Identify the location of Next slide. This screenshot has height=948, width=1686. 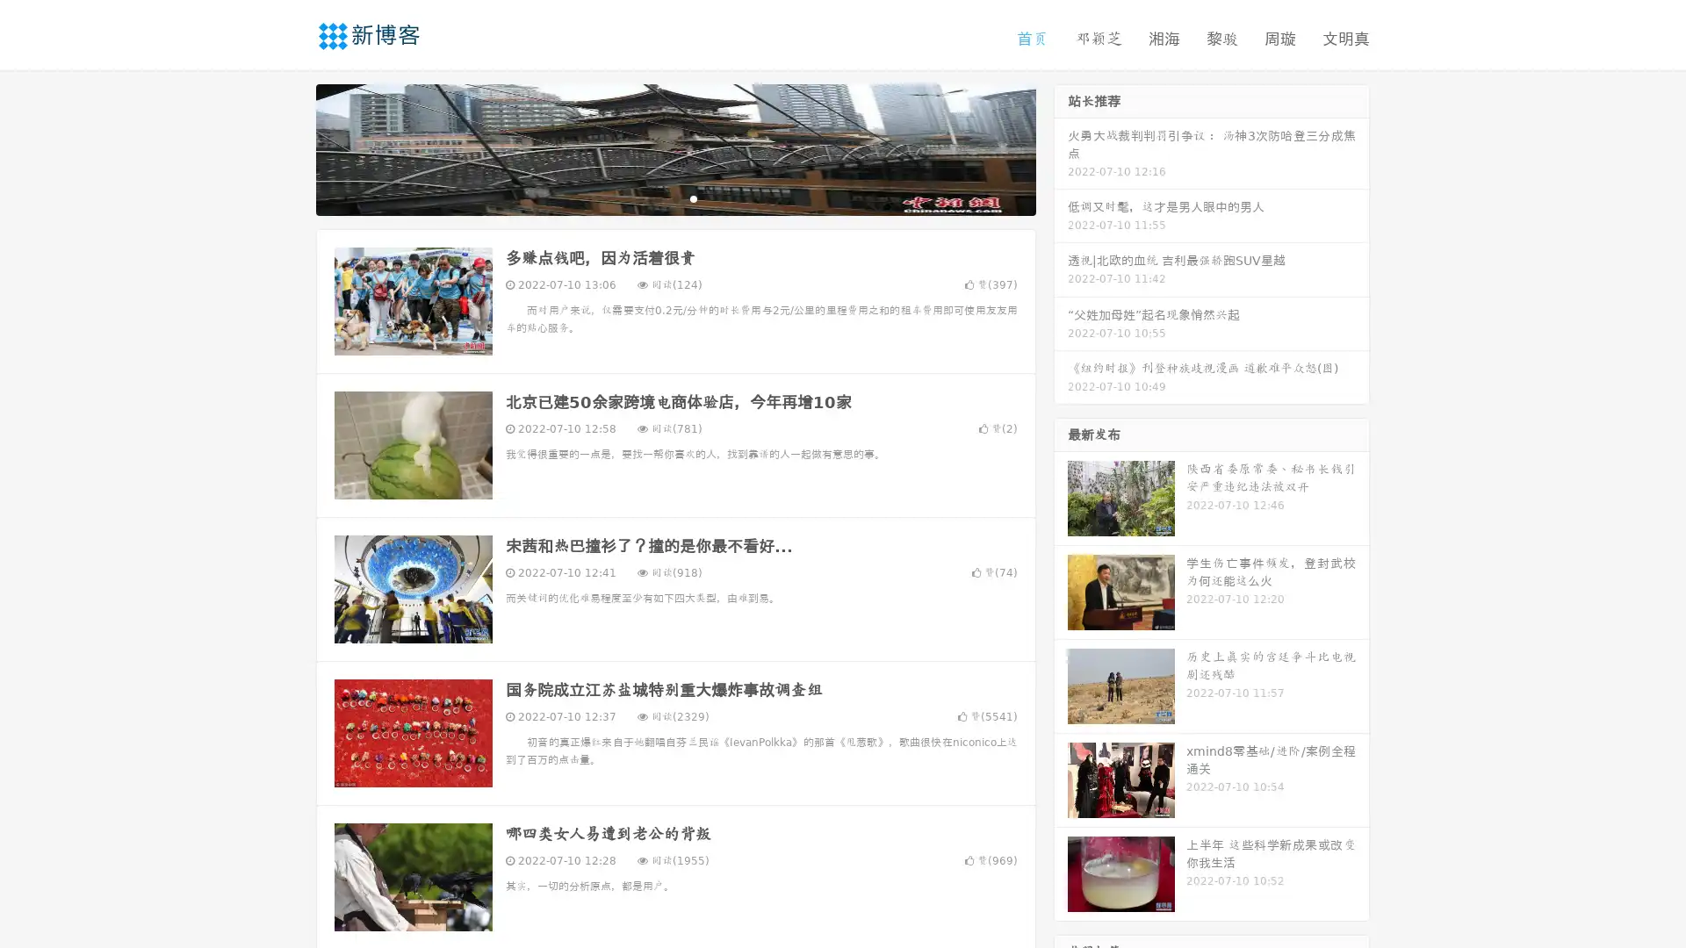
(1061, 147).